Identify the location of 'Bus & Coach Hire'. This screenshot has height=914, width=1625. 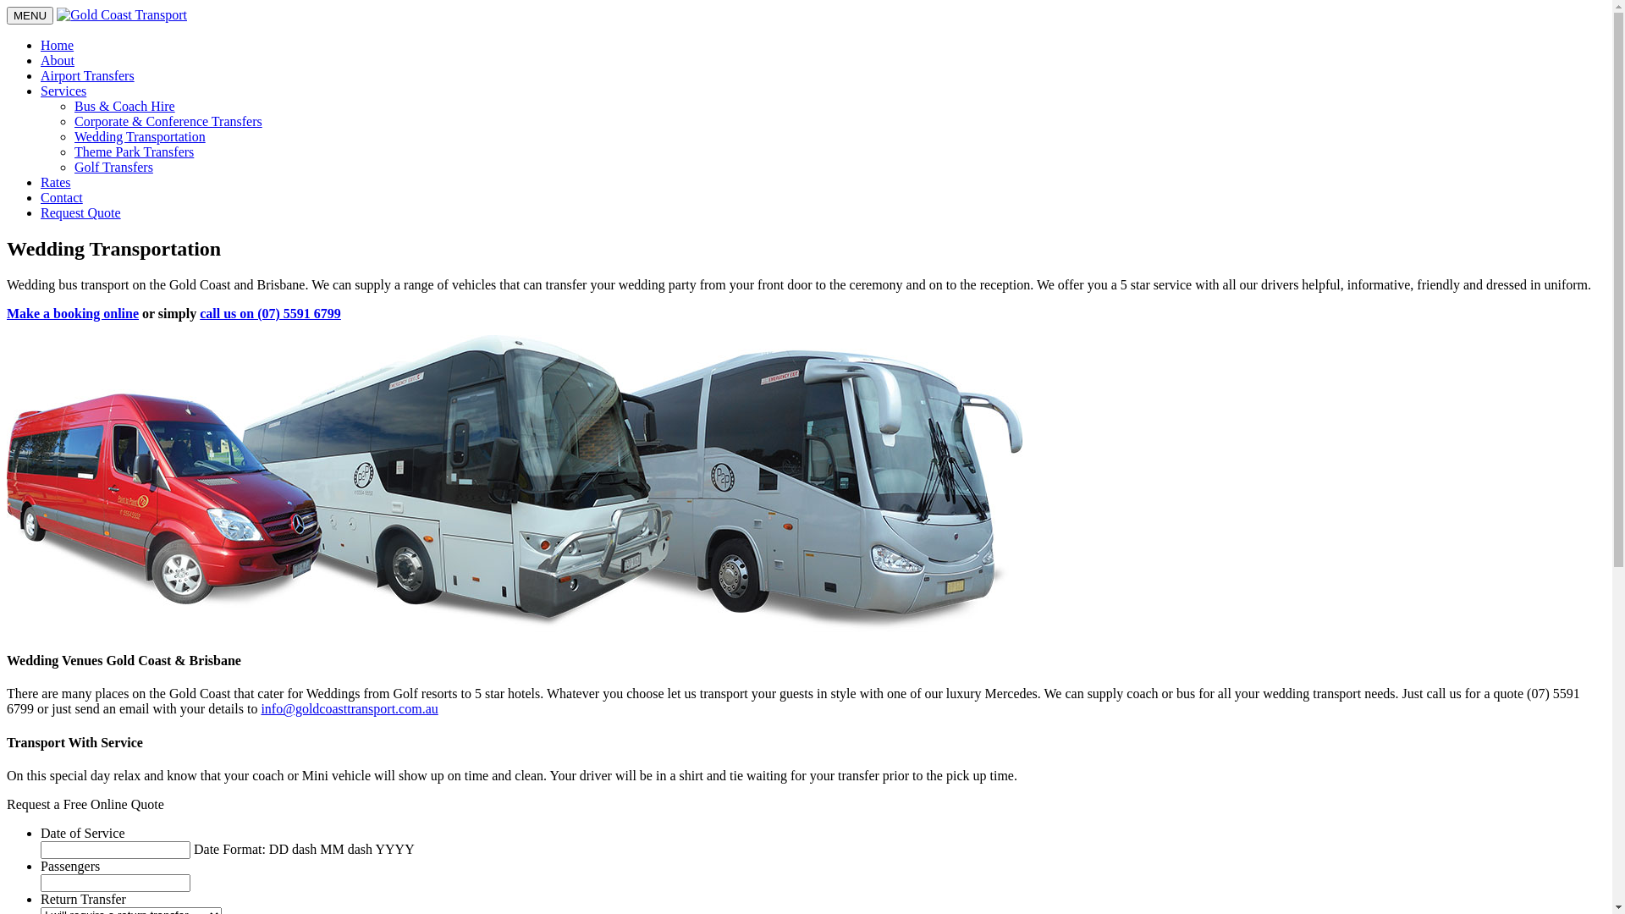
(124, 106).